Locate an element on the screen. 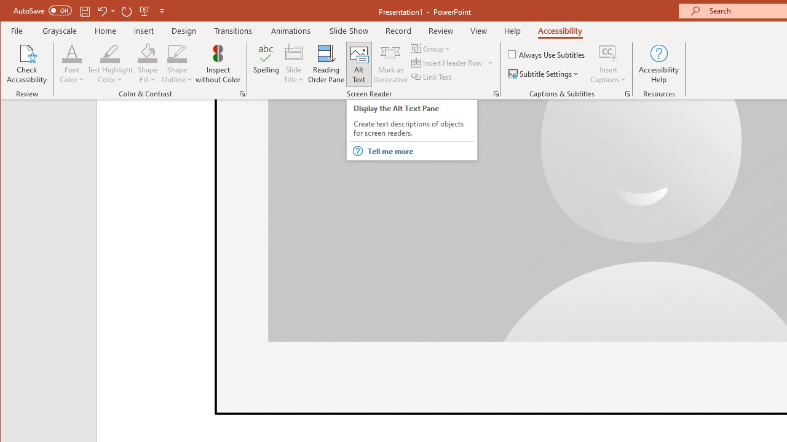 The width and height of the screenshot is (787, 442). 'Color & Contrast' is located at coordinates (242, 93).